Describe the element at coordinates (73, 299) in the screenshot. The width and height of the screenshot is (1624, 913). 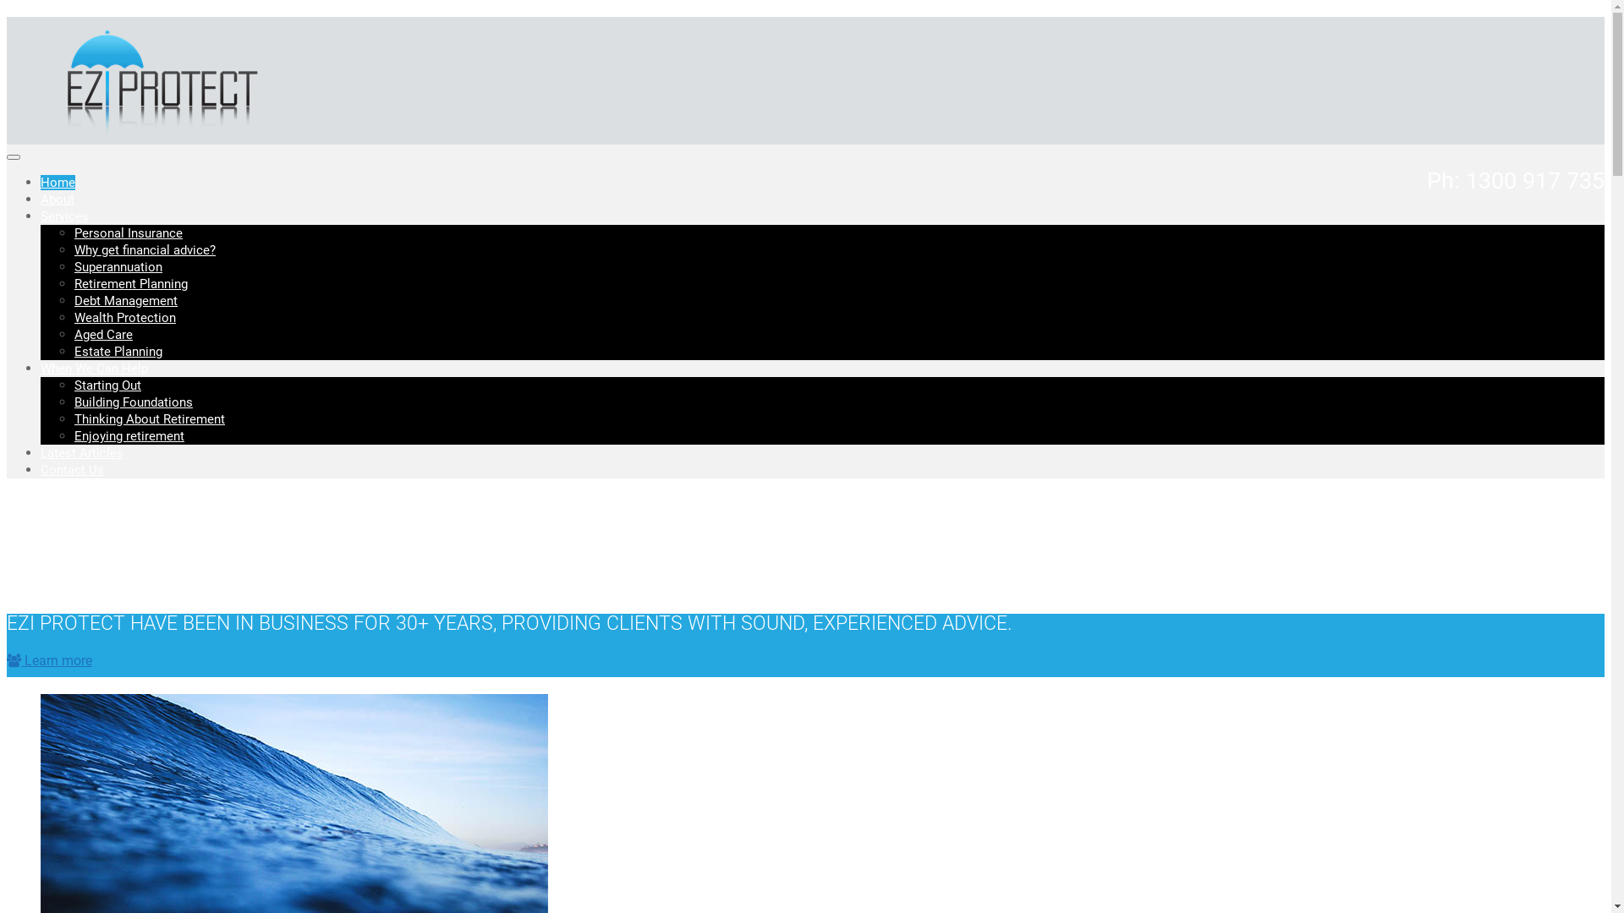
I see `'Debt Management'` at that location.